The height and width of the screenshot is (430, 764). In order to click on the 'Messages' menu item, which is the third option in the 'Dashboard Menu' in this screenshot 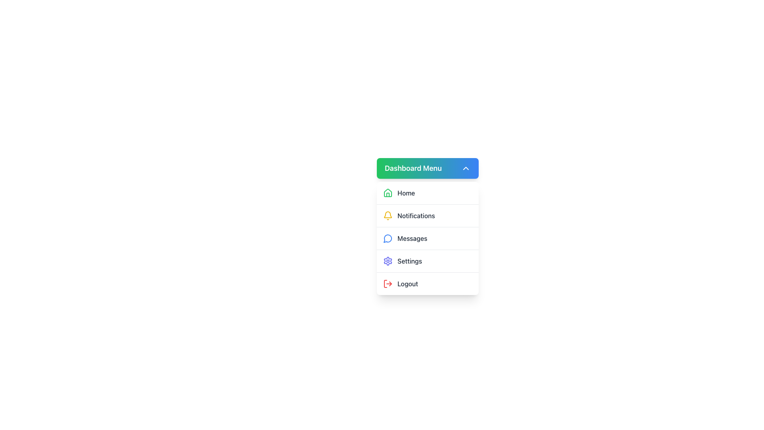, I will do `click(427, 238)`.